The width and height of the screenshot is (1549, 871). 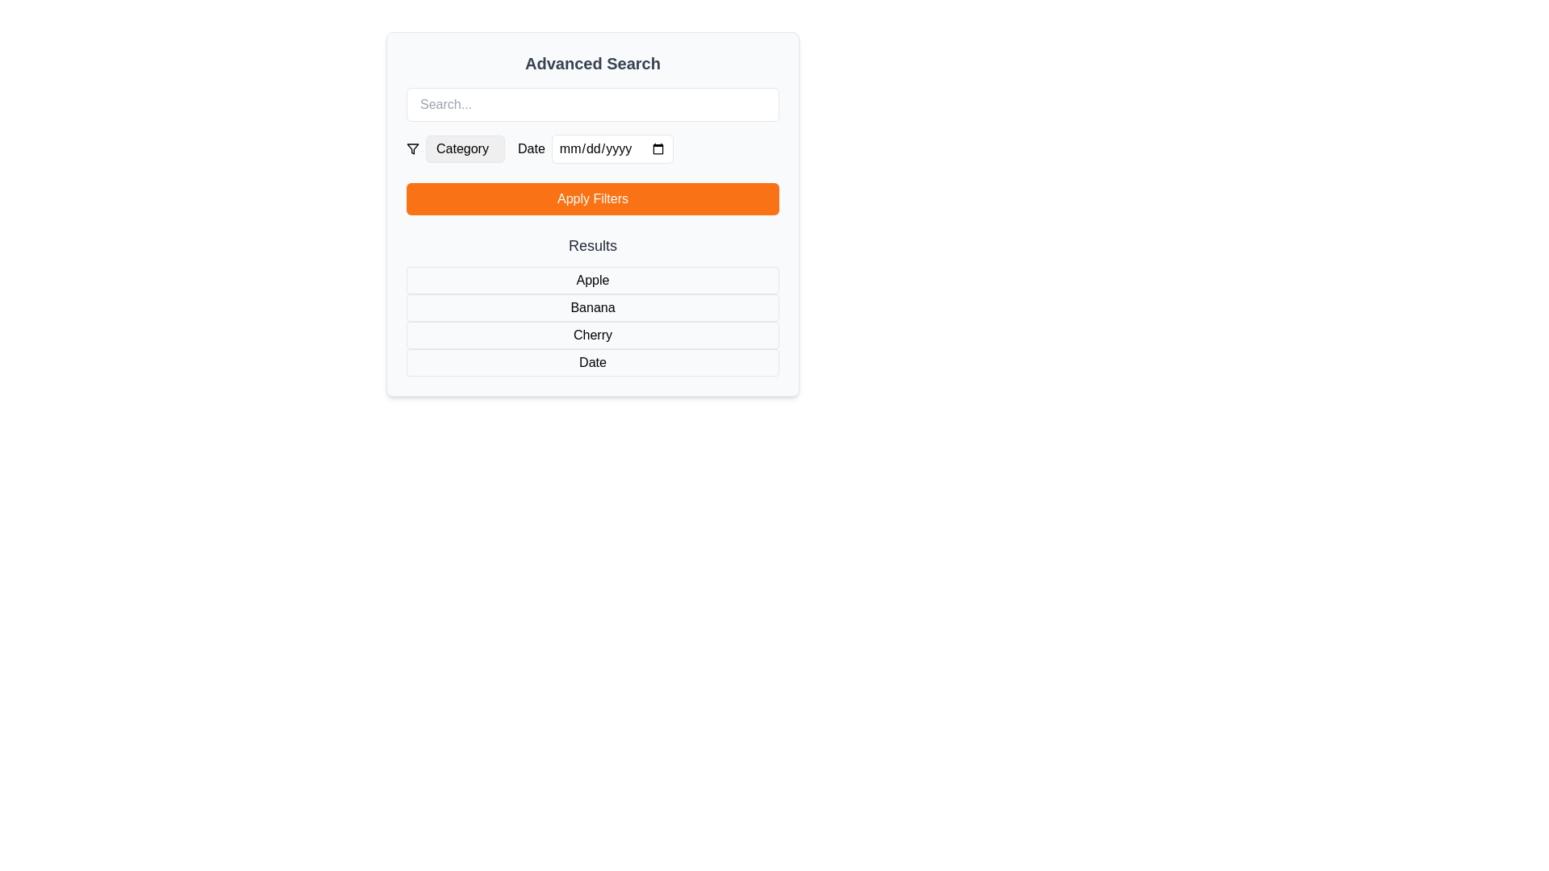 I want to click on the 'Category' dropdown menu located in the upper section of the panel, so click(x=455, y=149).